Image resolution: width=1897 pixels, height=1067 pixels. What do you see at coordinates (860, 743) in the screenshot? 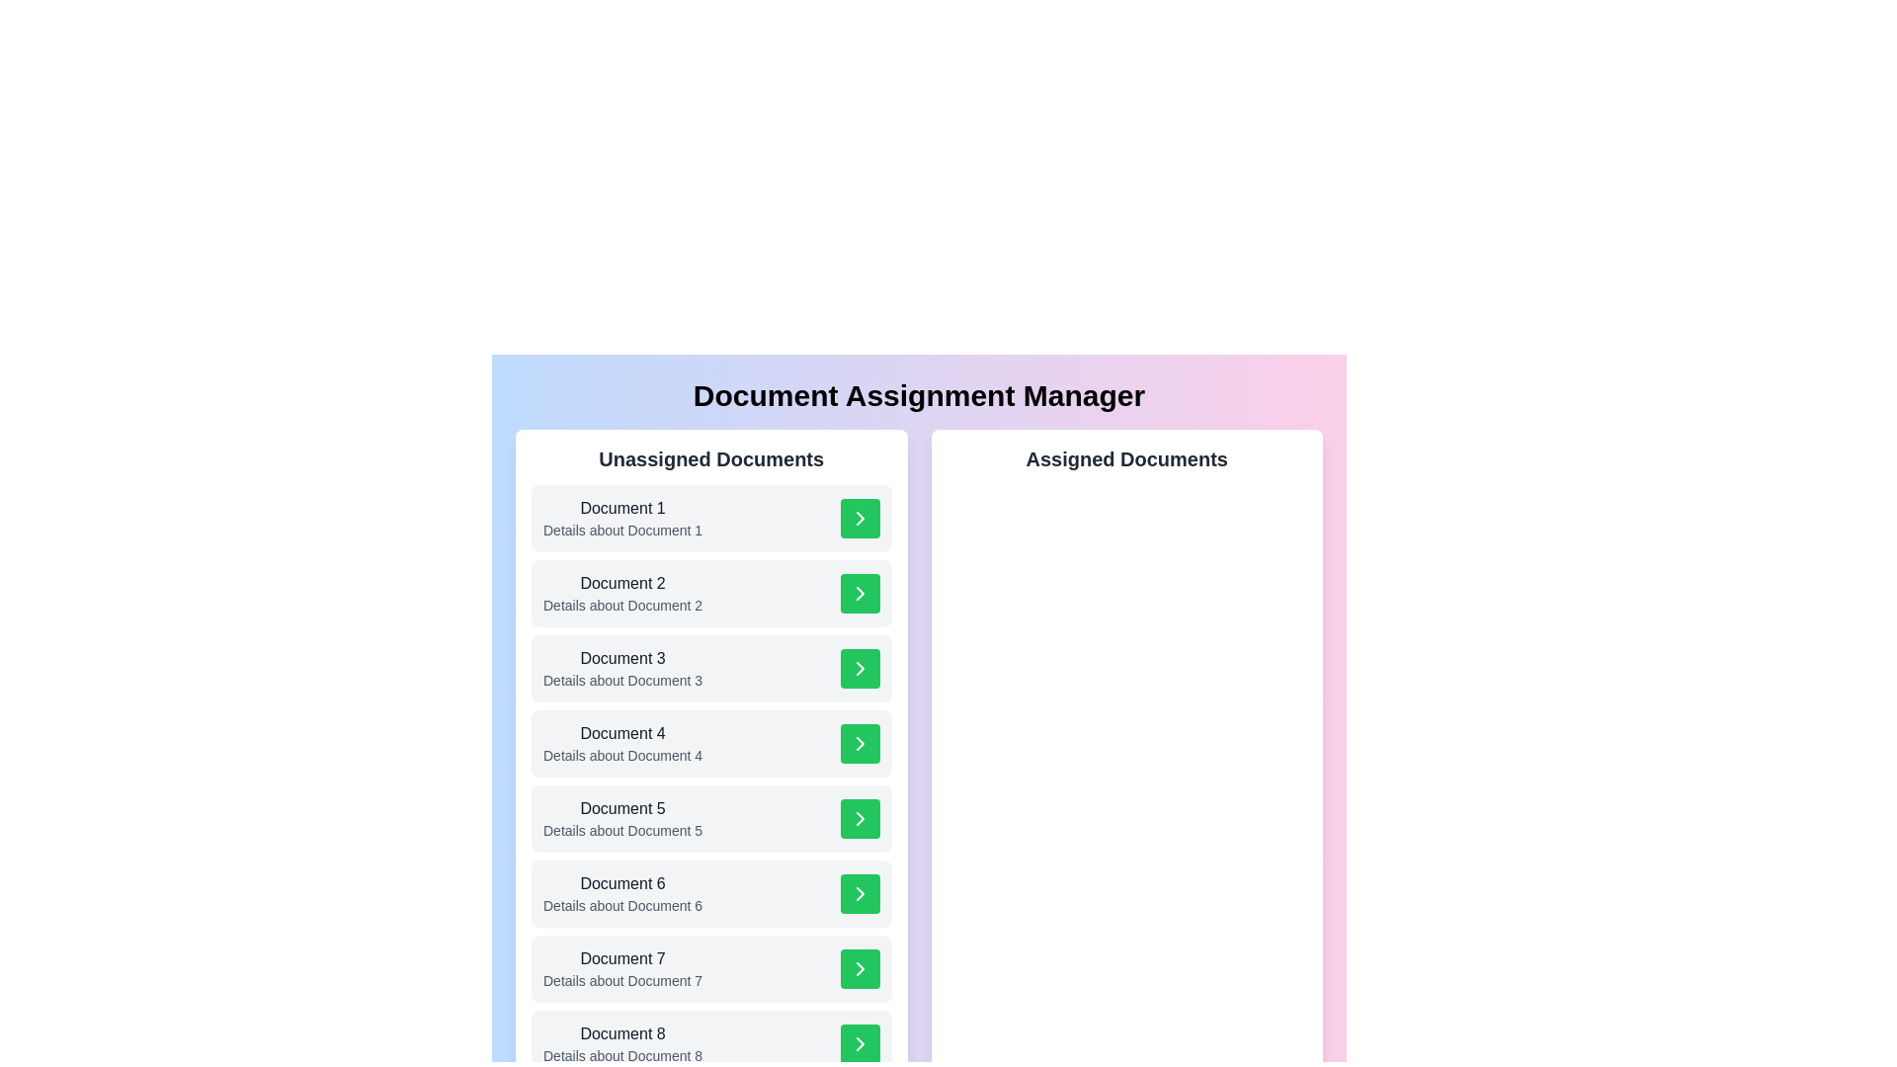
I see `the rightward chevron icon located at the far-right side of the fourth item in the 'Unassigned Documents' list` at bounding box center [860, 743].